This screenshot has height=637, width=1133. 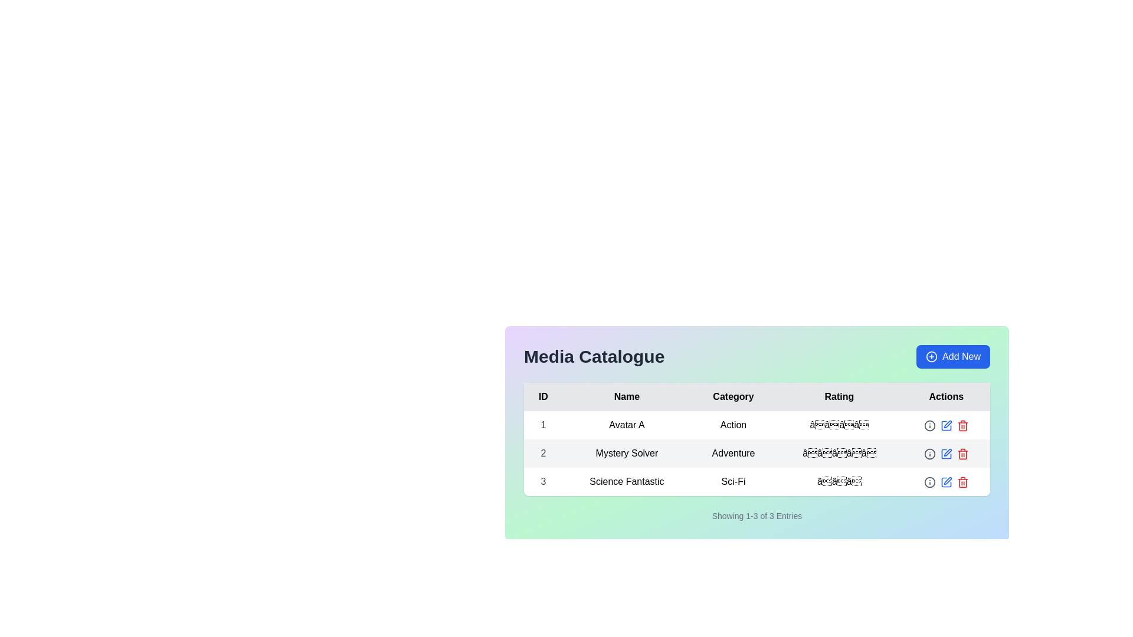 What do you see at coordinates (946, 452) in the screenshot?
I see `the small blue pencil icon in the 'Actions' column of the second row in the data table` at bounding box center [946, 452].